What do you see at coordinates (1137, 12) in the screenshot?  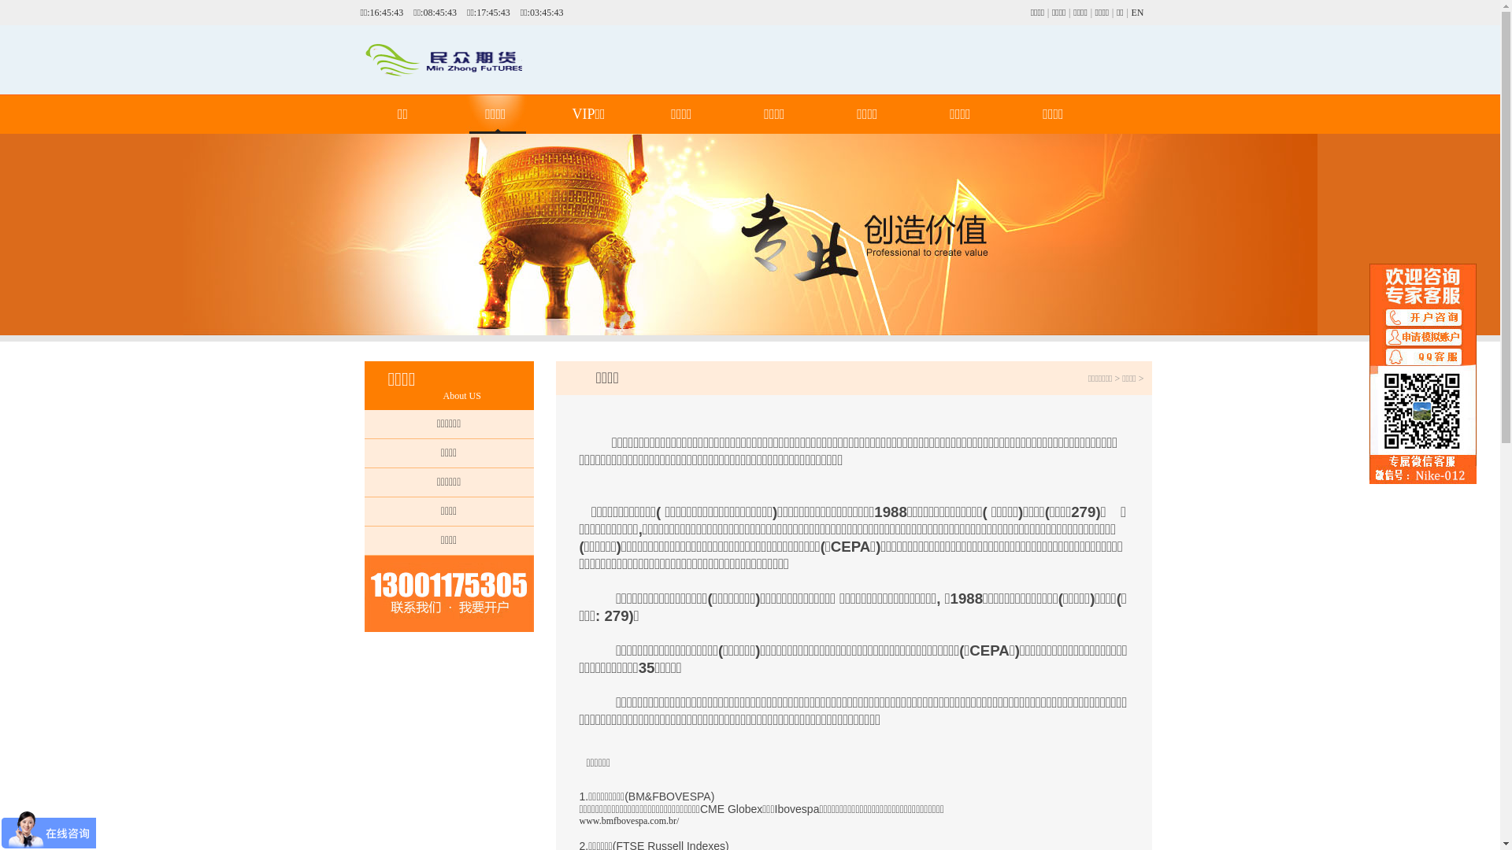 I see `'EN'` at bounding box center [1137, 12].